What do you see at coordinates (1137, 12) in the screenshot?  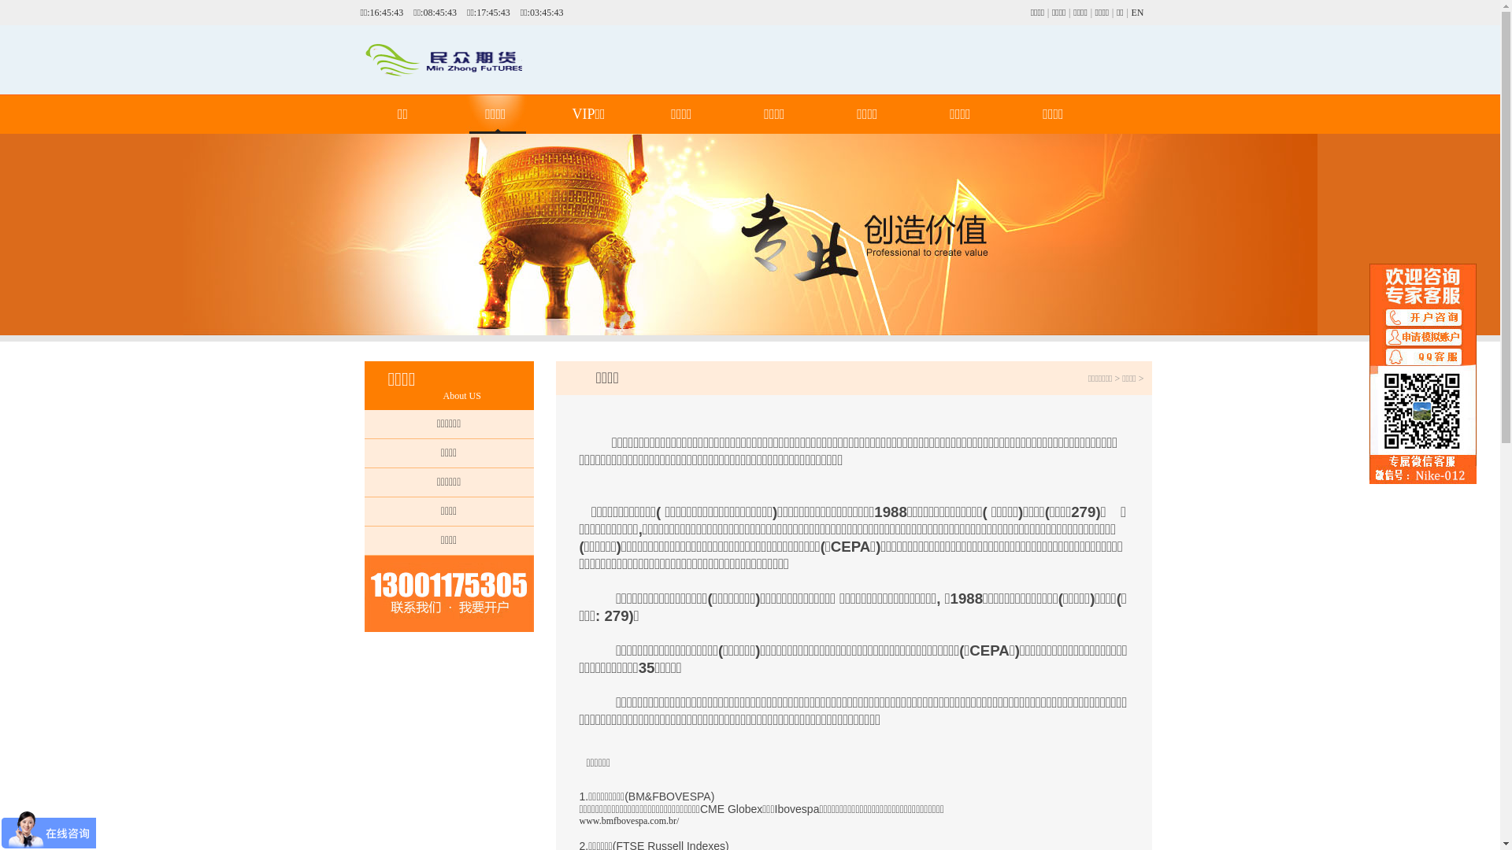 I see `'EN'` at bounding box center [1137, 12].